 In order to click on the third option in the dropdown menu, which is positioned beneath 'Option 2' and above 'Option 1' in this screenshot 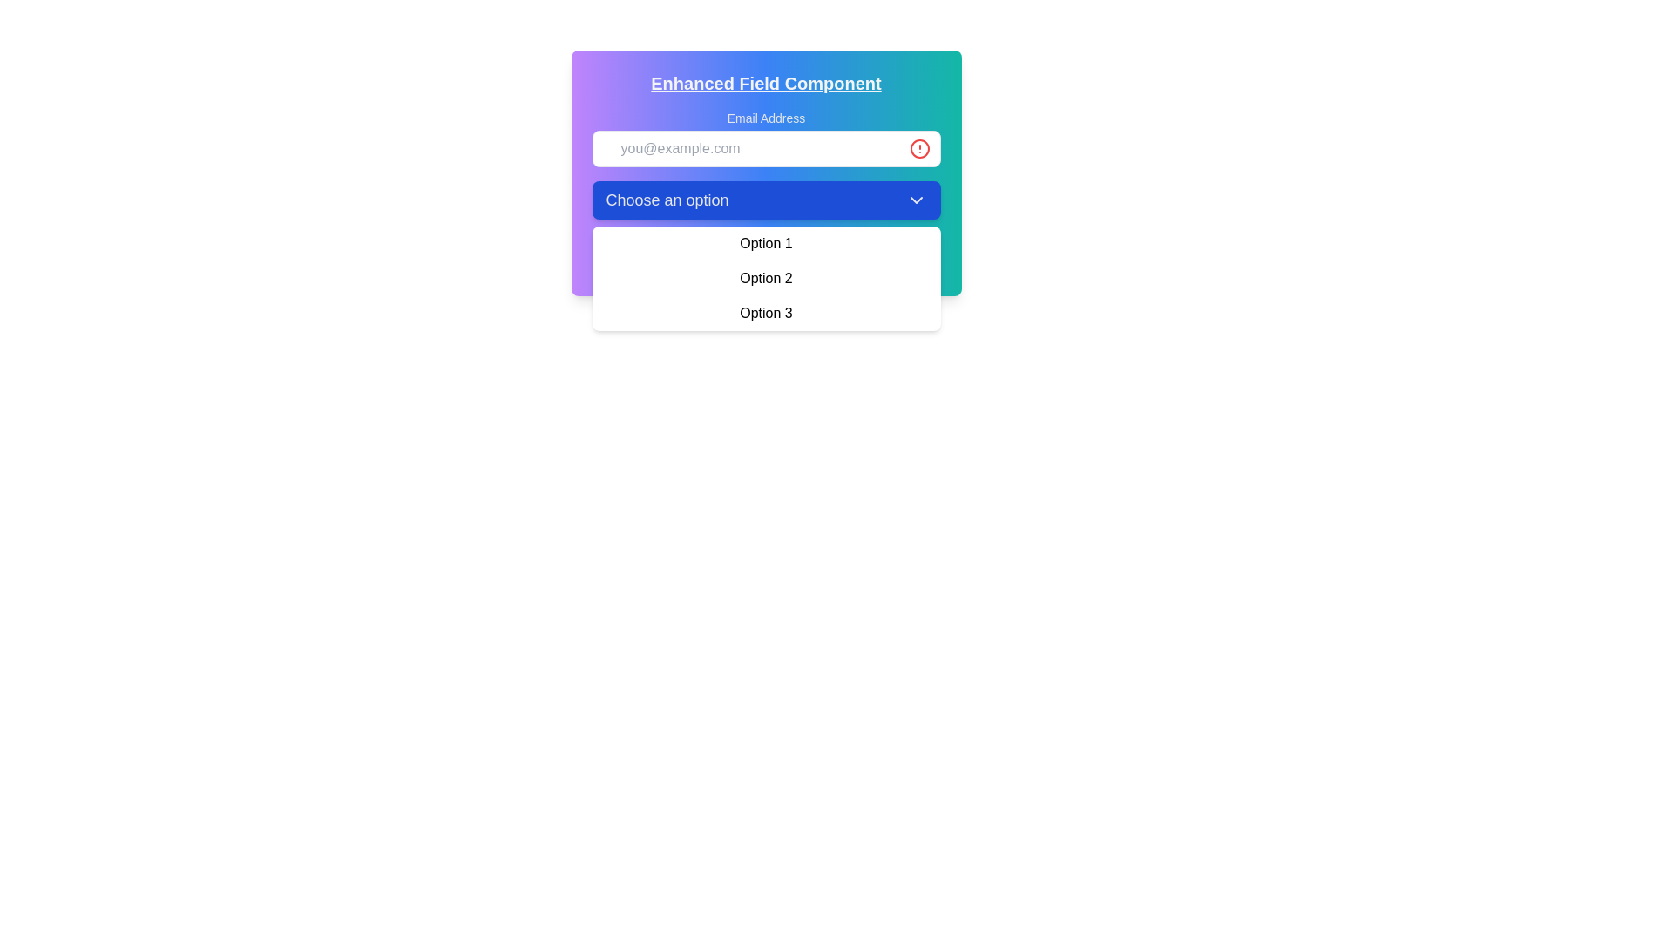, I will do `click(766, 312)`.